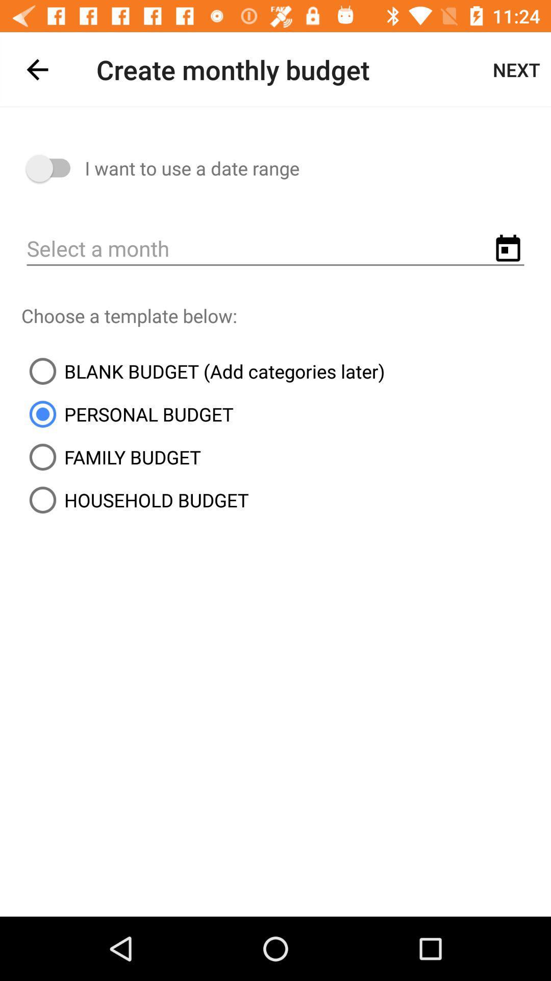 Image resolution: width=551 pixels, height=981 pixels. Describe the element at coordinates (134, 500) in the screenshot. I see `the icon below family budget item` at that location.